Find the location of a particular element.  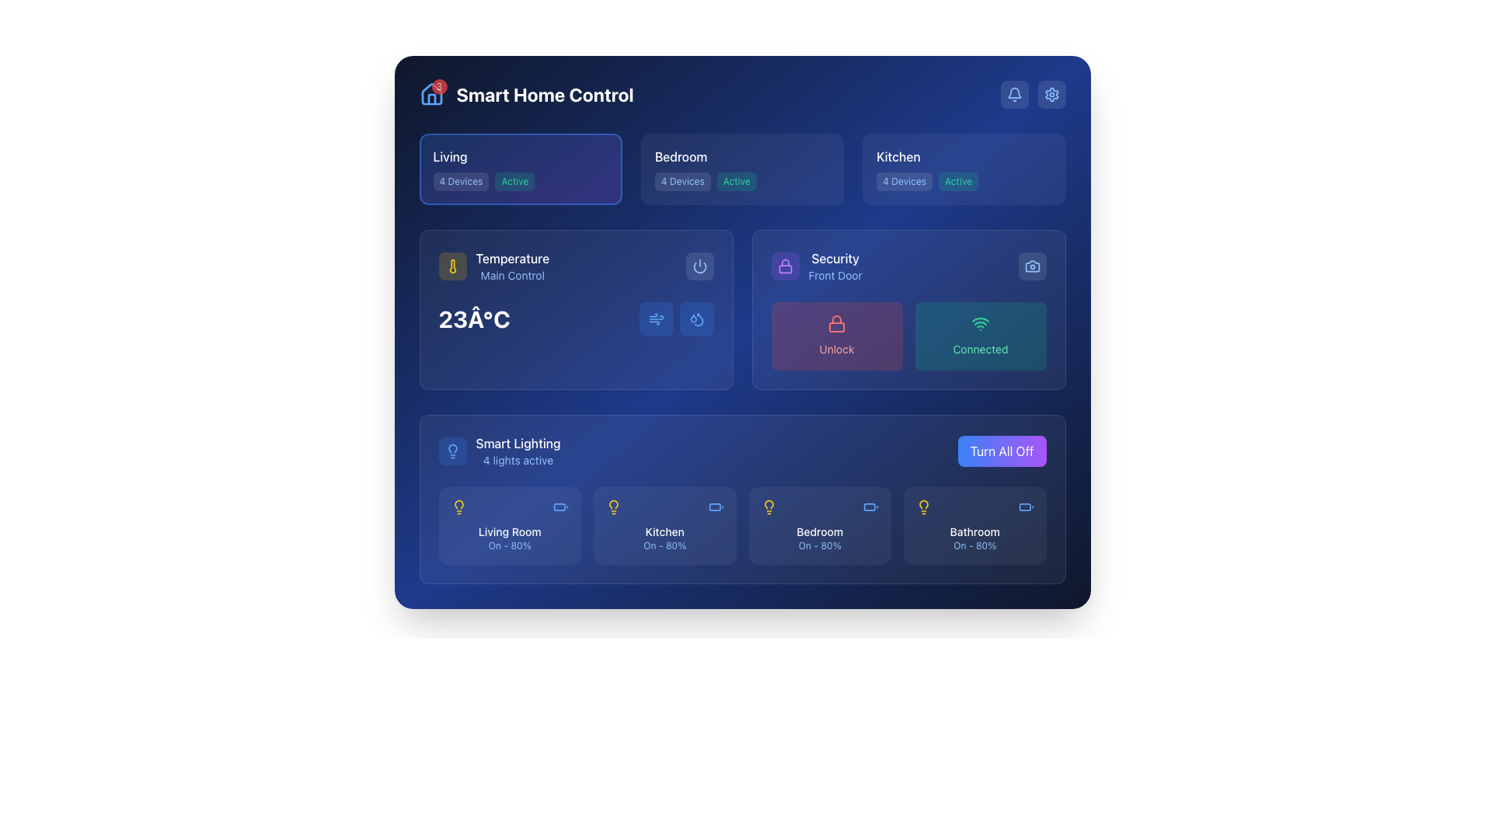

the first text label element related to 'Security' which is located in the central-right area of the layout, above the smaller blue text 'Front Door' is located at coordinates (835, 257).